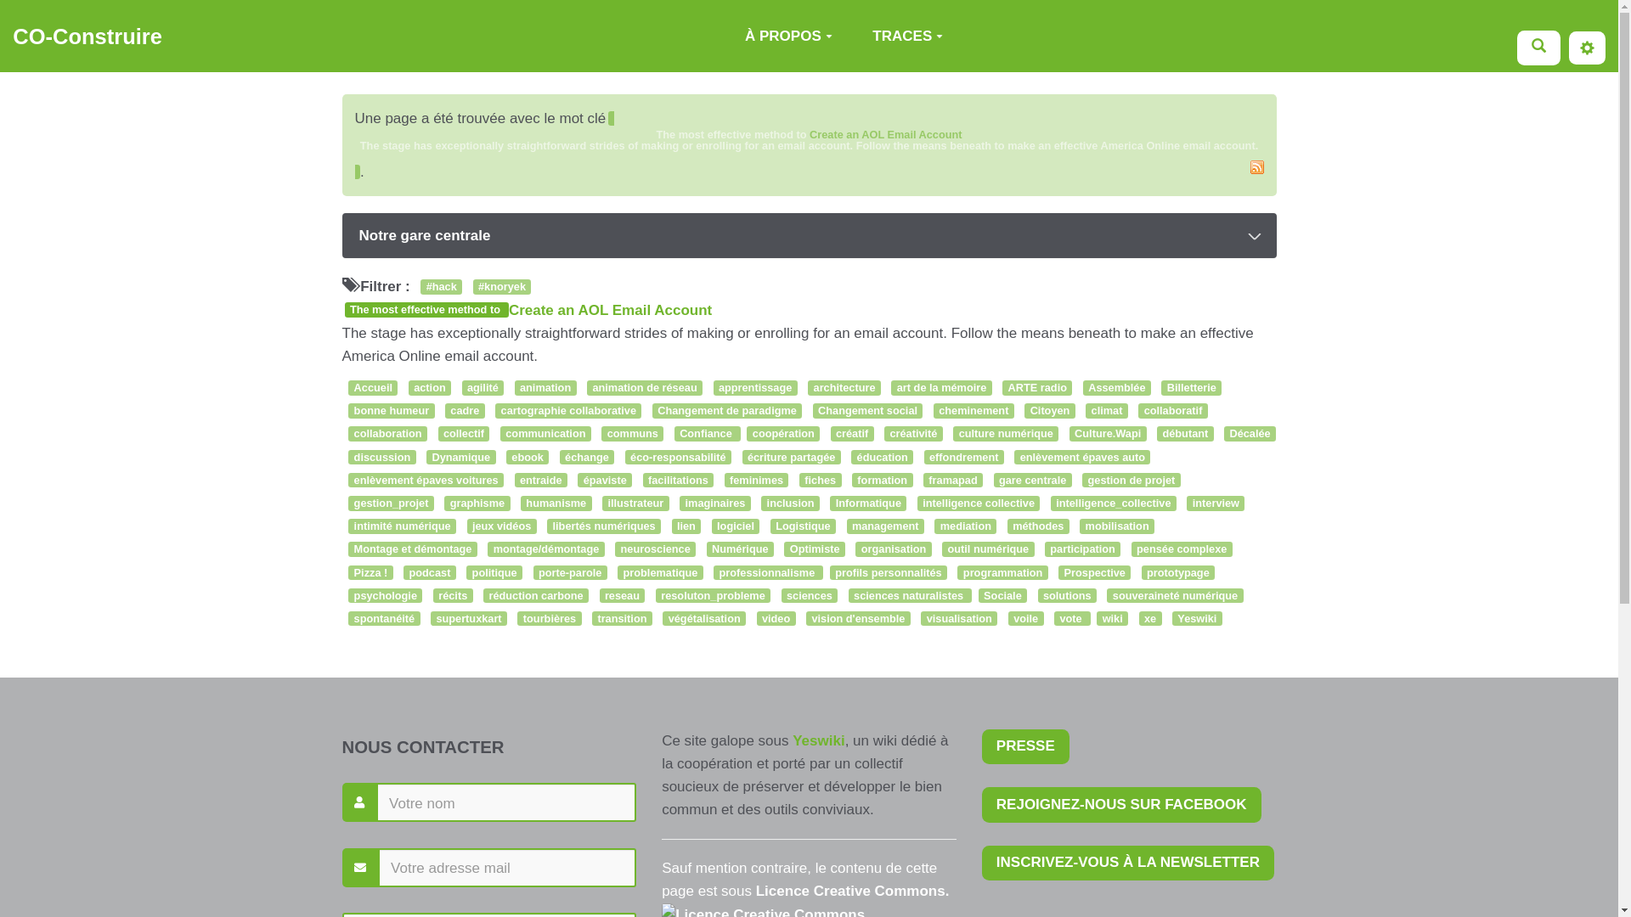 This screenshot has width=1631, height=917. Describe the element at coordinates (802, 526) in the screenshot. I see `'Logistique'` at that location.